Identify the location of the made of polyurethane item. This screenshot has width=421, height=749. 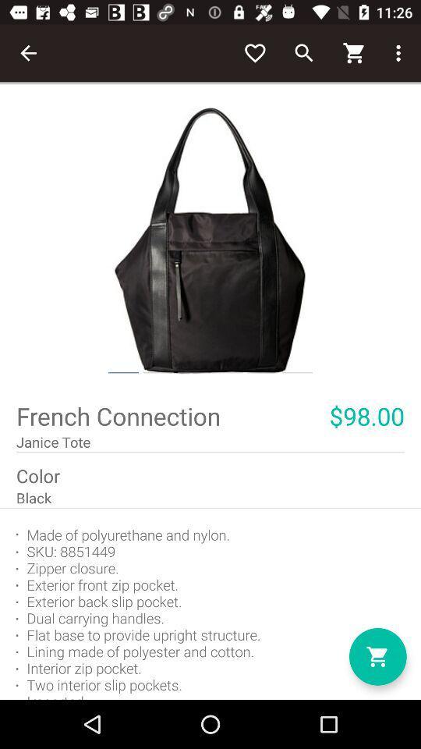
(210, 603).